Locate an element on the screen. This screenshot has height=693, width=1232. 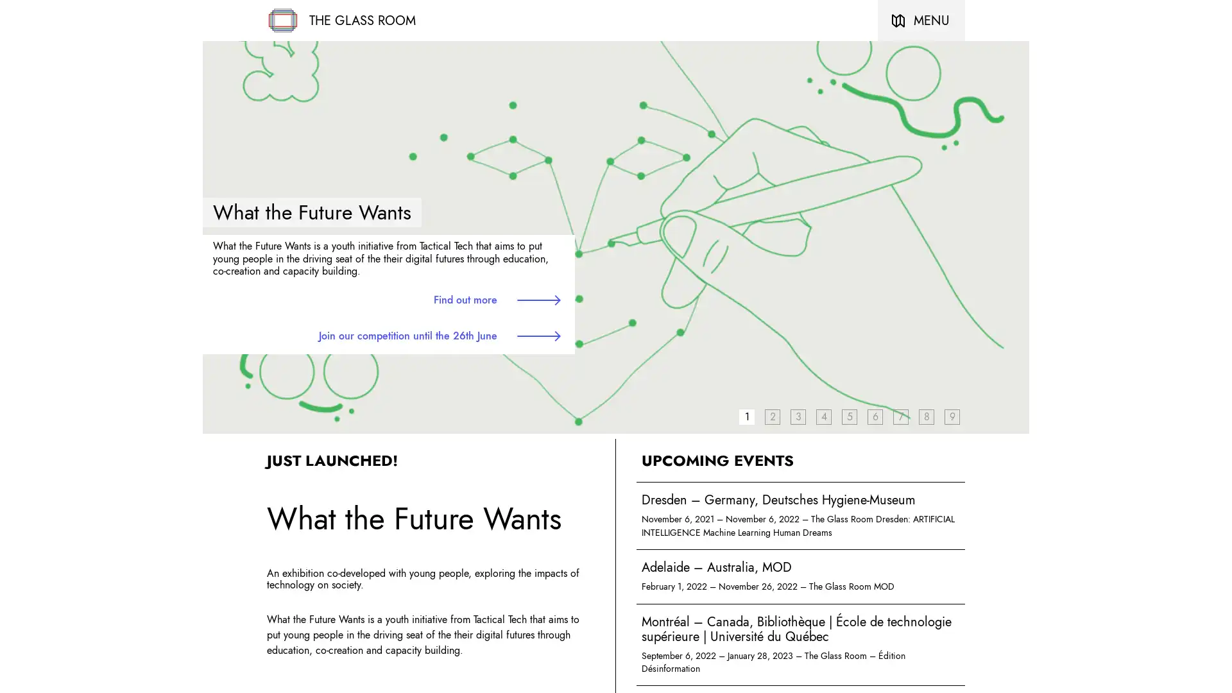
slide item 7 is located at coordinates (900, 416).